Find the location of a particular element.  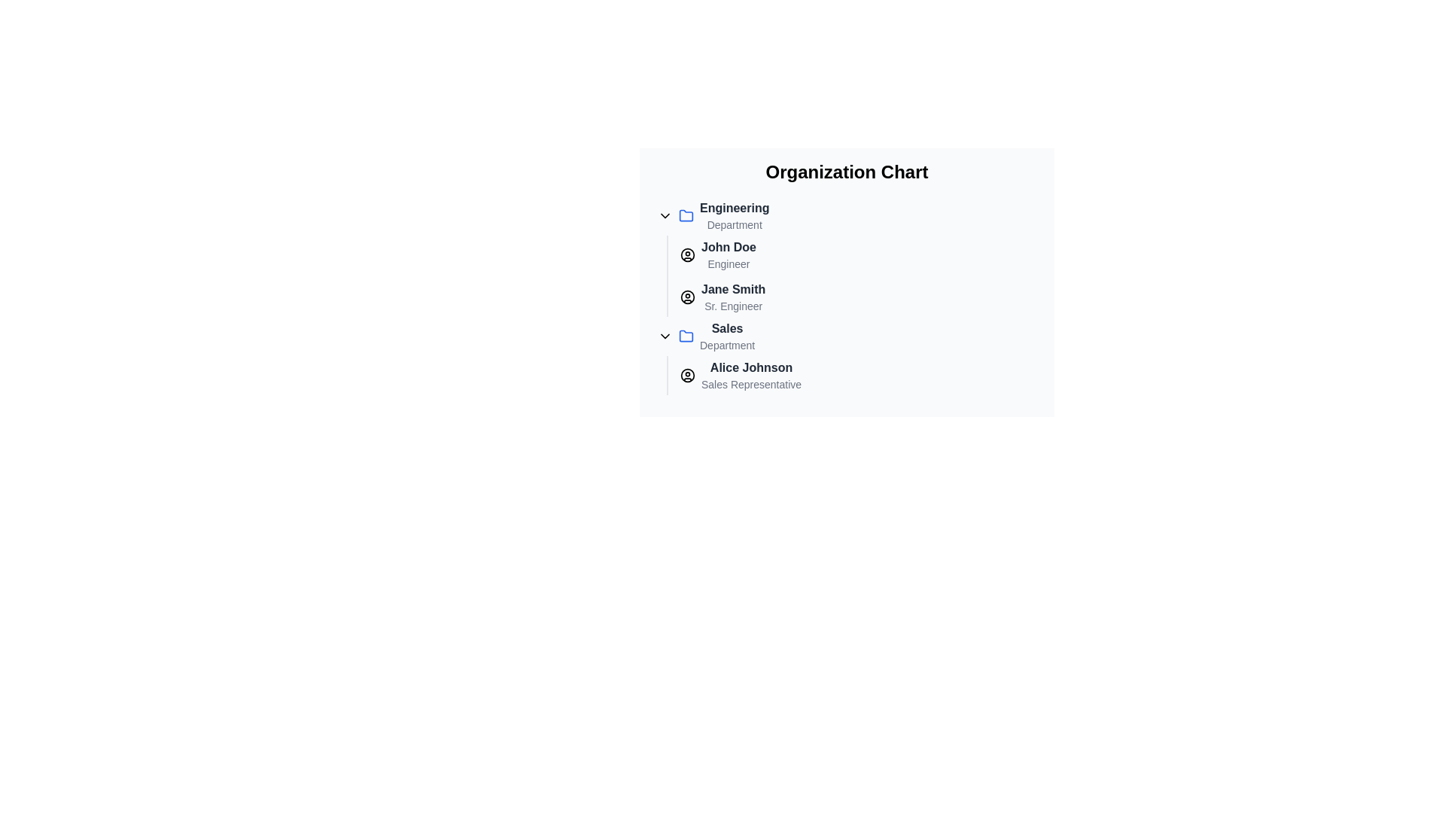

the 'Sales' text label located in the 'Sales' department section of the organization chart for accessibility is located at coordinates (727, 336).